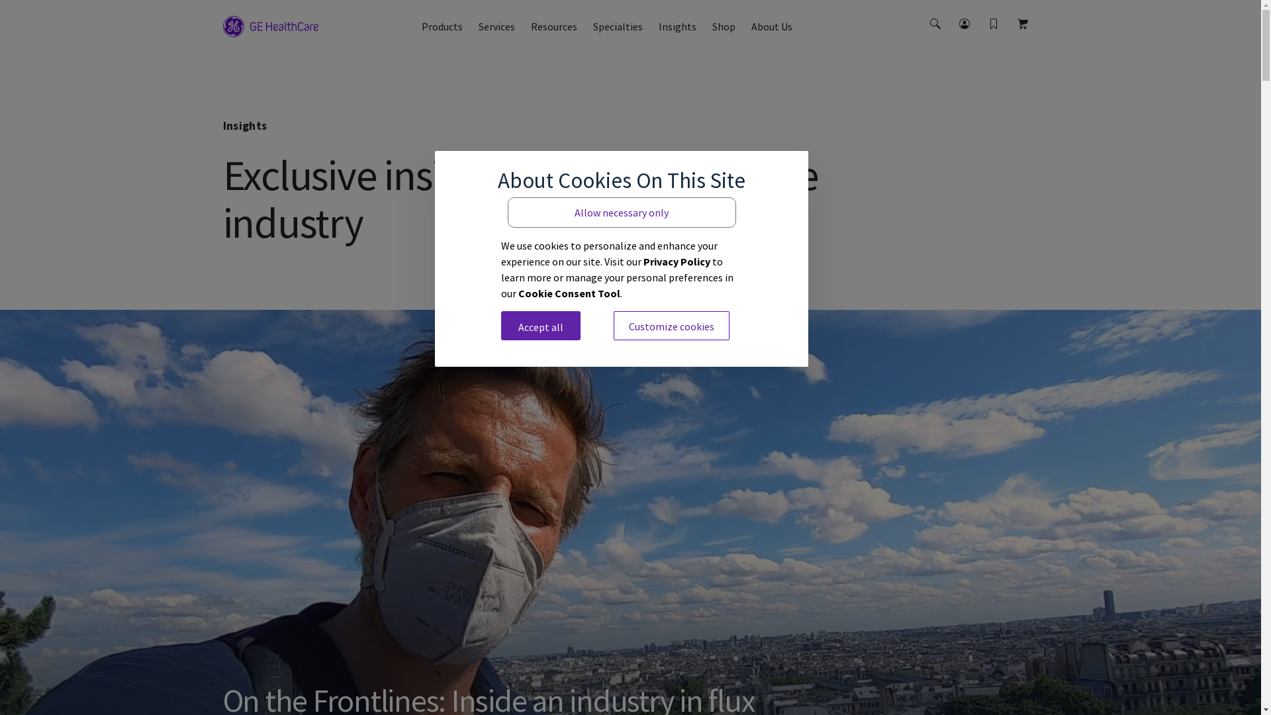 The height and width of the screenshot is (715, 1271). What do you see at coordinates (621, 211) in the screenshot?
I see `'Allow necessary only'` at bounding box center [621, 211].